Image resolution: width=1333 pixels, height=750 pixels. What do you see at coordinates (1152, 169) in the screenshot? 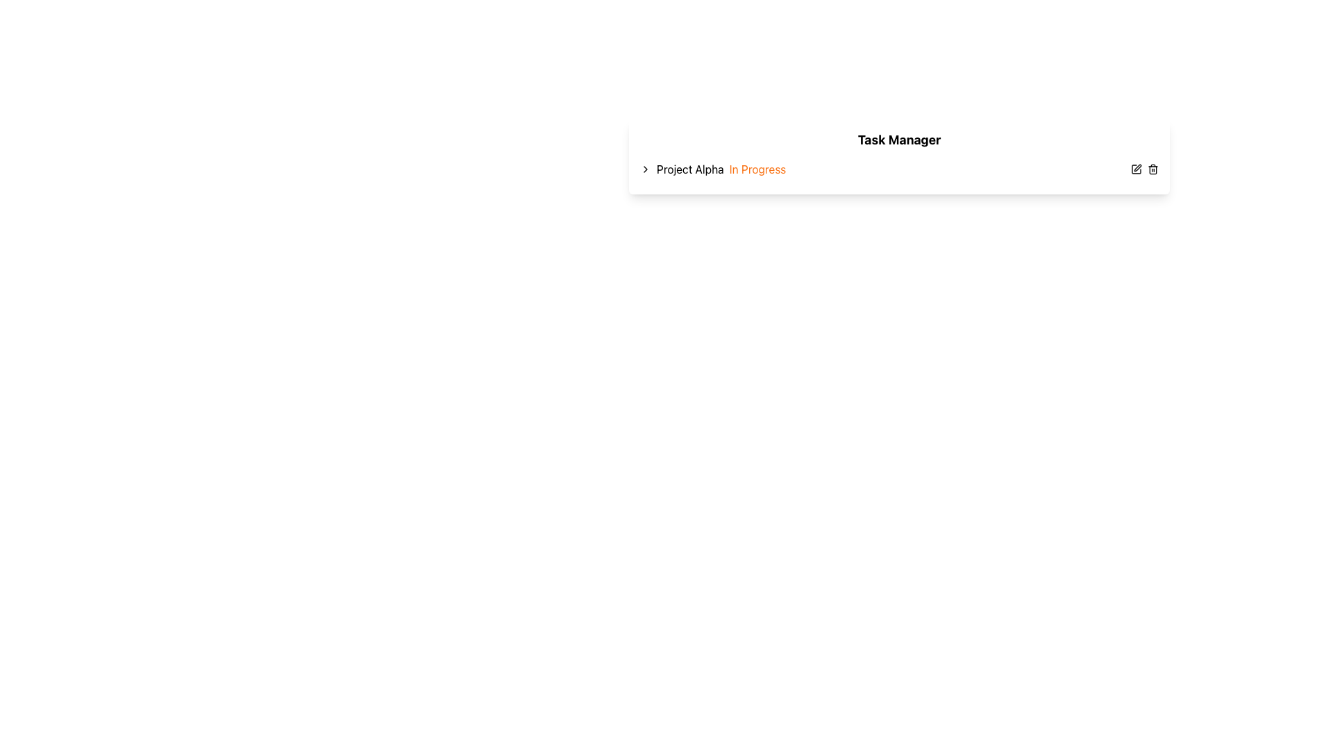
I see `the trash icon, which is part of a graphical icon indicating delete action` at bounding box center [1152, 169].